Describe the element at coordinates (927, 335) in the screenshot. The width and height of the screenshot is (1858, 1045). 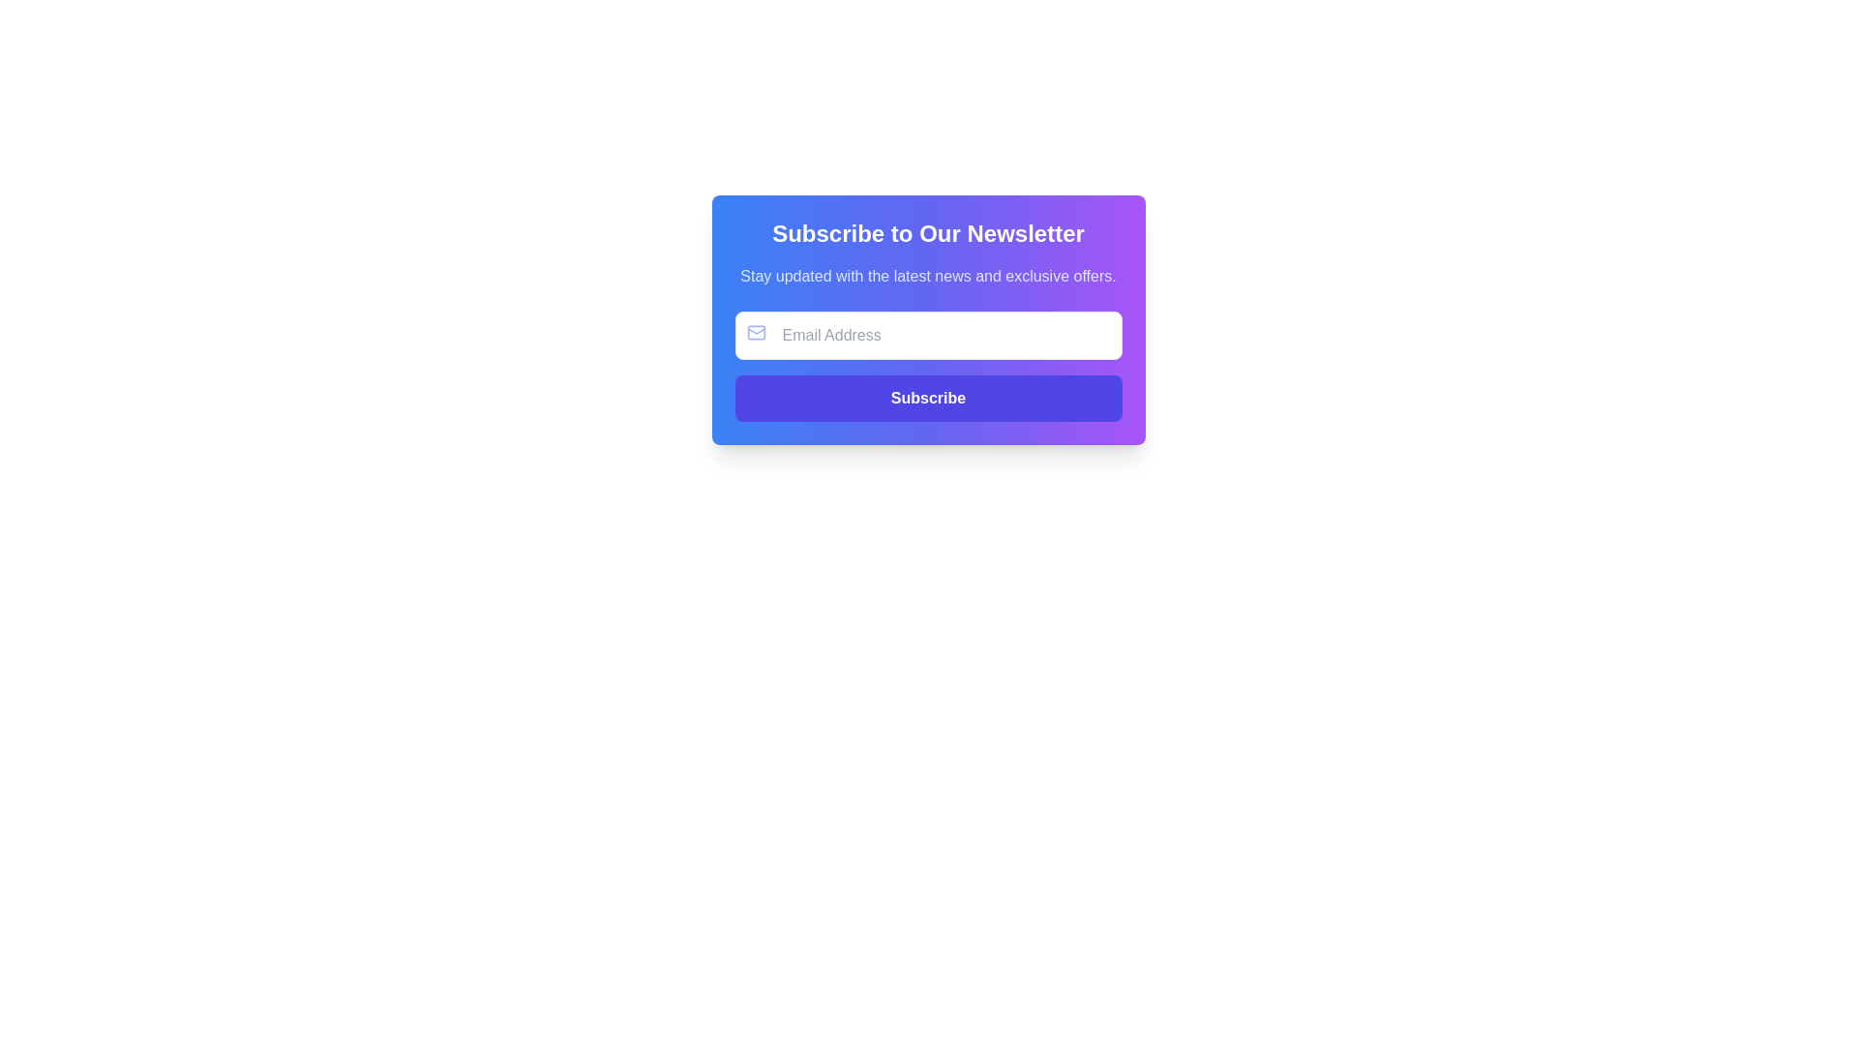
I see `the Email input field to focus on it, which is located below the 'Subscribe to Our Newsletter' title and above the 'Subscribe' button` at that location.